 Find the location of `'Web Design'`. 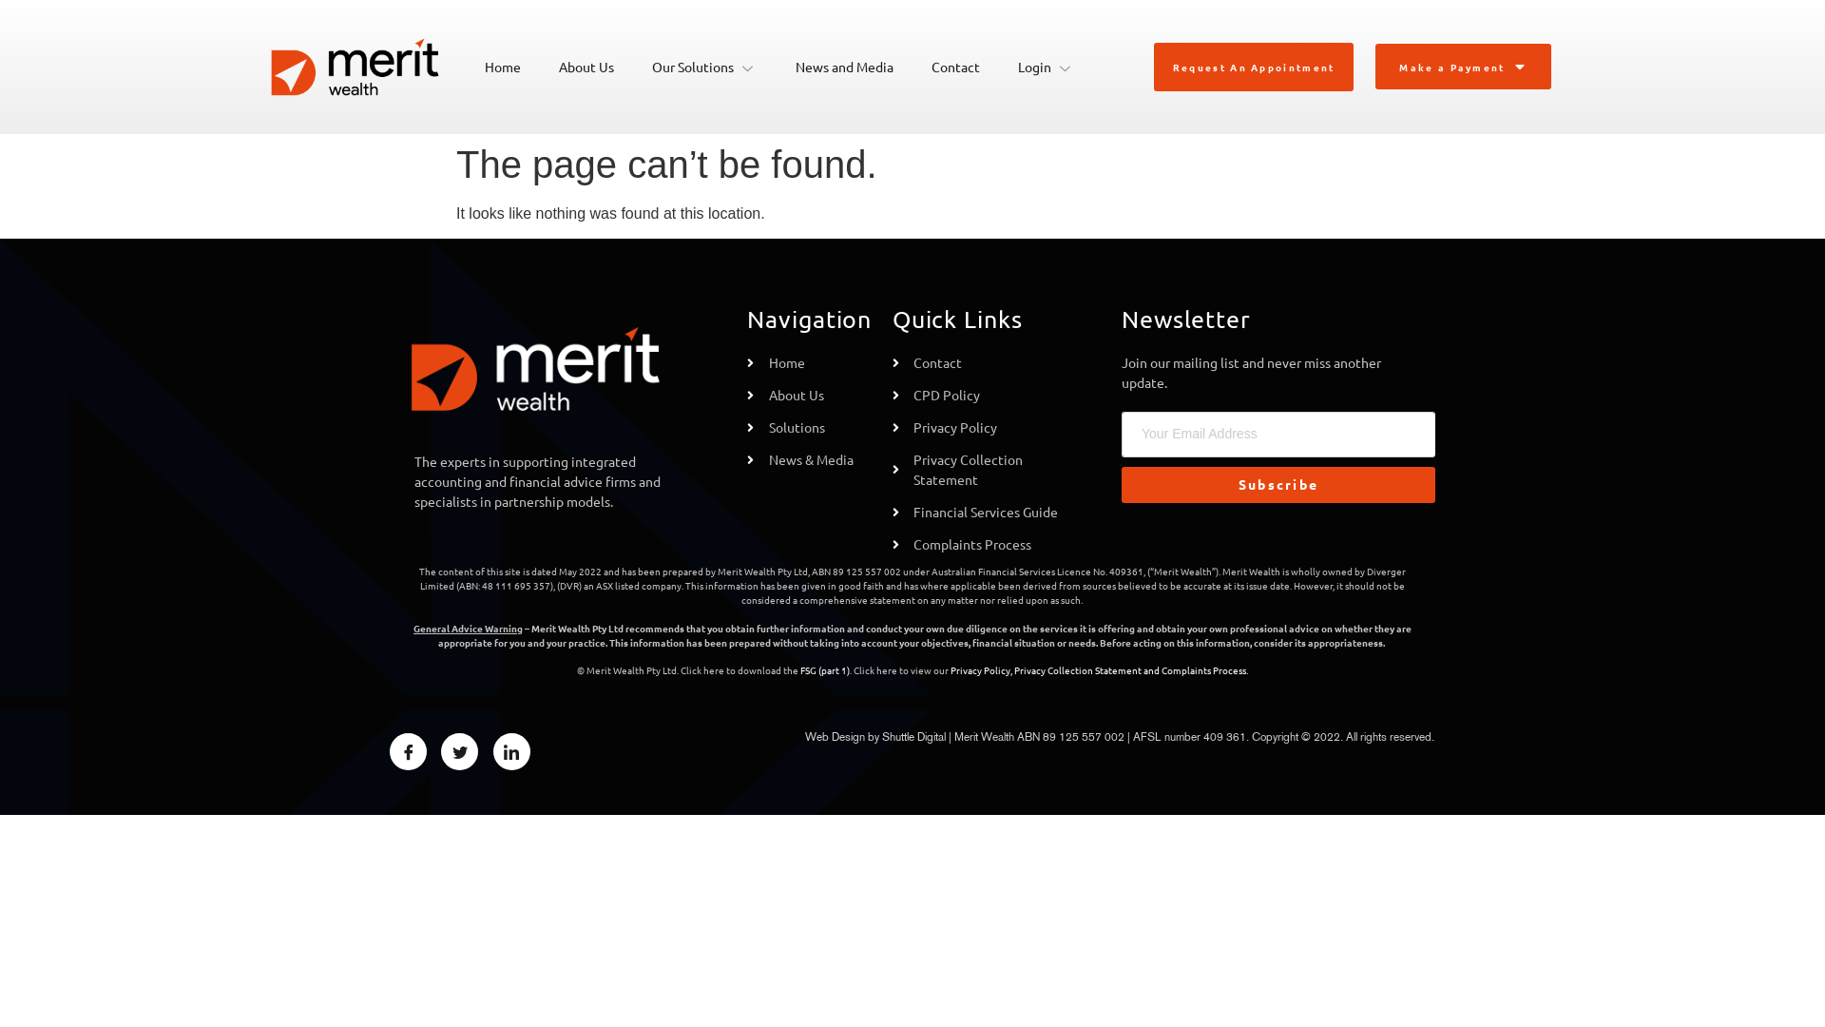

'Web Design' is located at coordinates (835, 735).